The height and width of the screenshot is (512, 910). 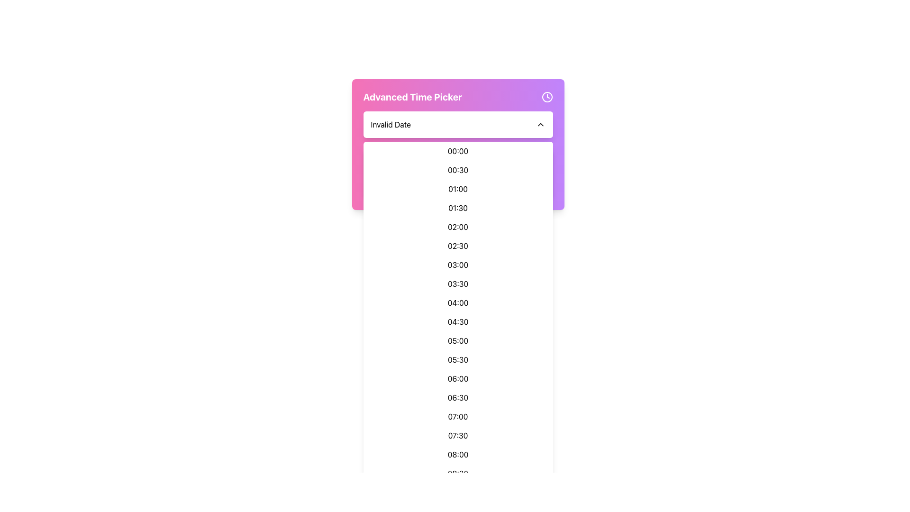 What do you see at coordinates (458, 454) in the screenshot?
I see `the 17th list item displaying the time '08:00' in bold, centered font within the dropdown` at bounding box center [458, 454].